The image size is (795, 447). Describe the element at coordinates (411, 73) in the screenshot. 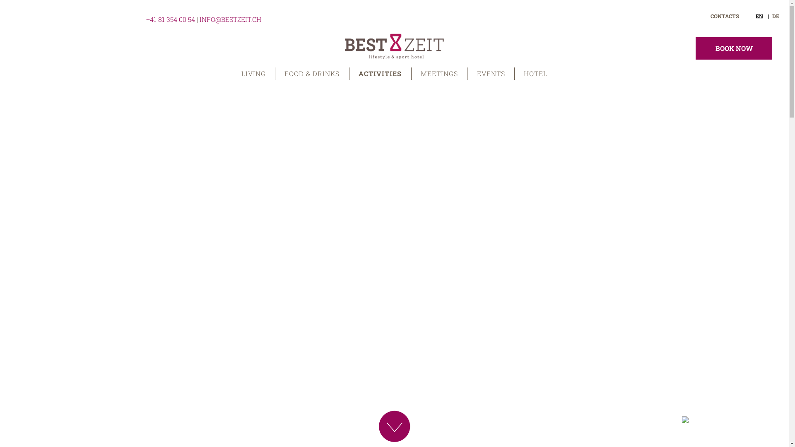

I see `'MEETINGS'` at that location.